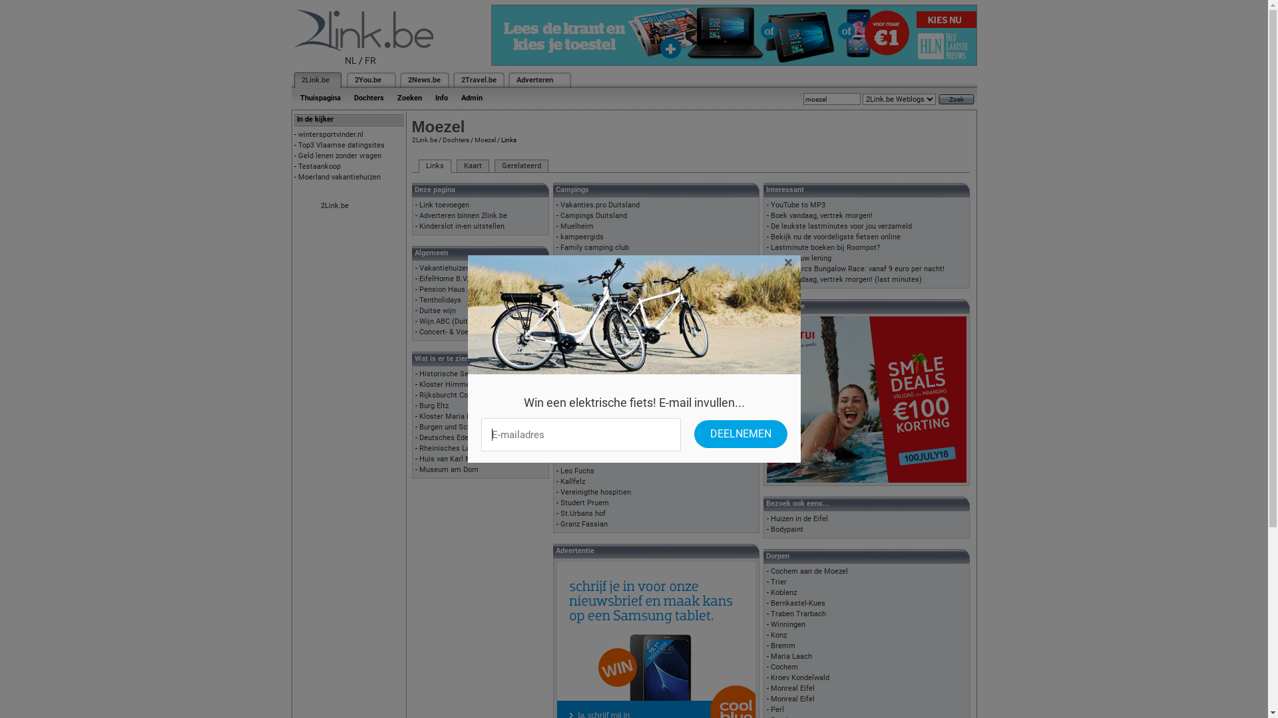  Describe the element at coordinates (594, 492) in the screenshot. I see `'Vereinigthe hospitien'` at that location.